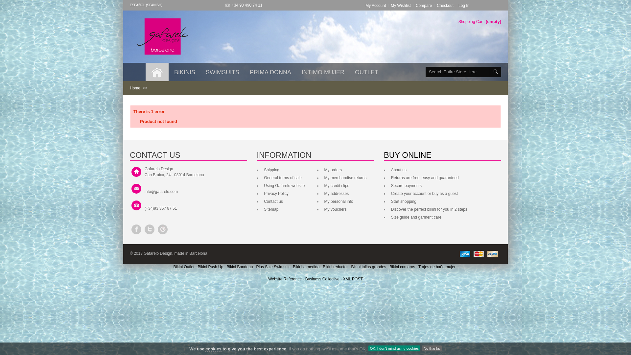 This screenshot has height=355, width=631. What do you see at coordinates (275, 193) in the screenshot?
I see `'Privacy Policy'` at bounding box center [275, 193].